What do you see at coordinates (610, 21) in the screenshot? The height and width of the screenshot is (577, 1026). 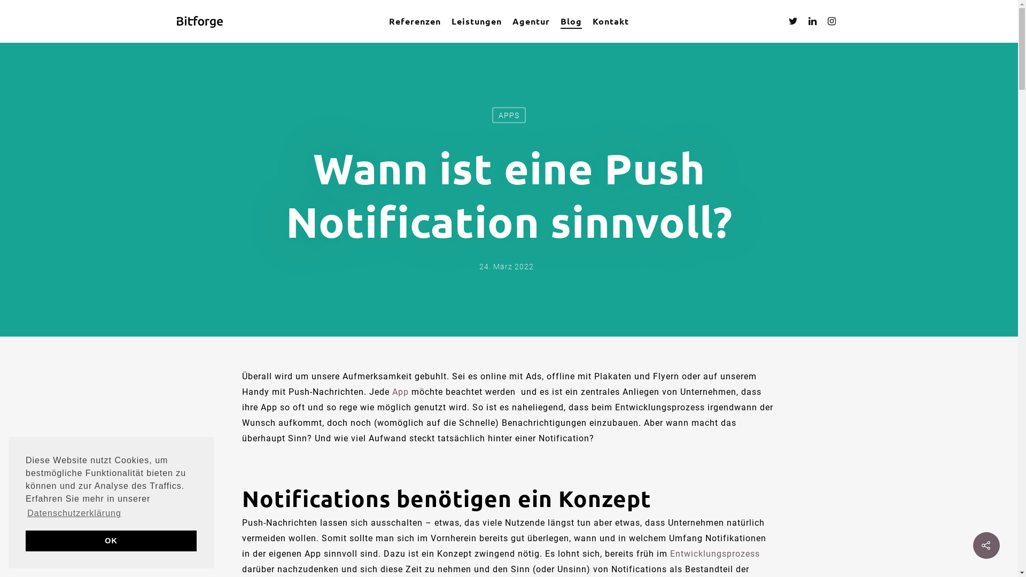 I see `'Kontakt'` at bounding box center [610, 21].